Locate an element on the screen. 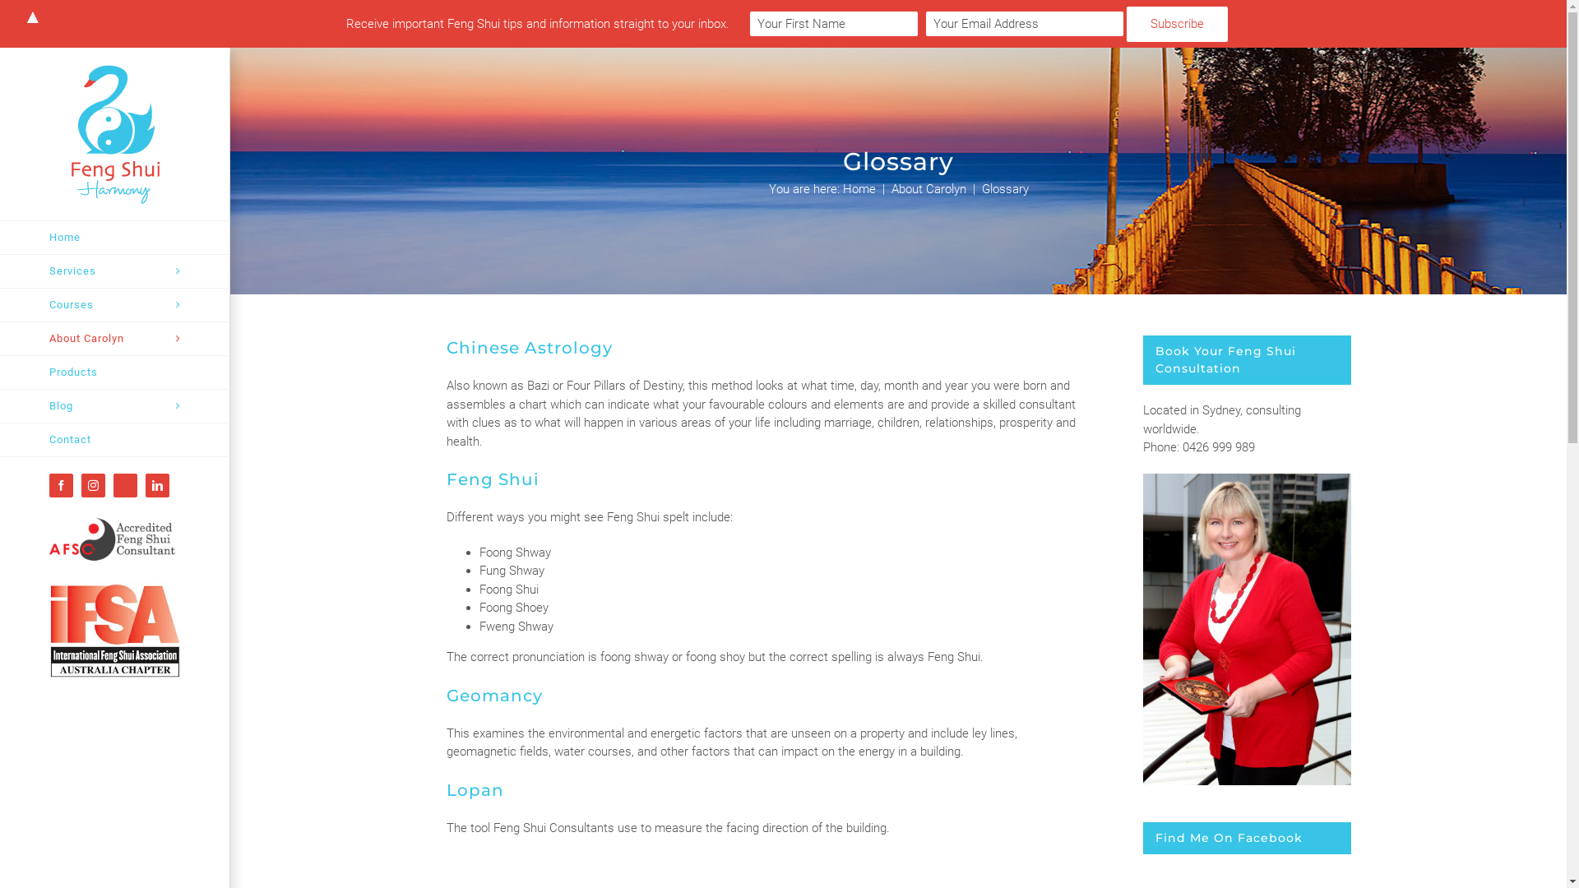  'Instagram' is located at coordinates (92, 484).